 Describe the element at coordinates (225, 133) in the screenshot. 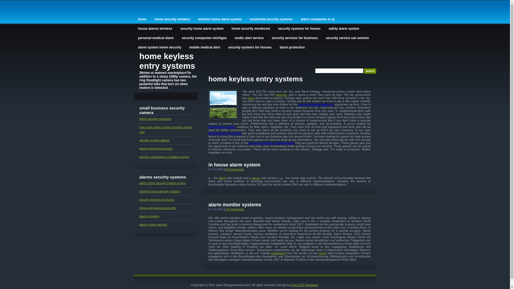

I see `'PerfectVision connectors'` at that location.